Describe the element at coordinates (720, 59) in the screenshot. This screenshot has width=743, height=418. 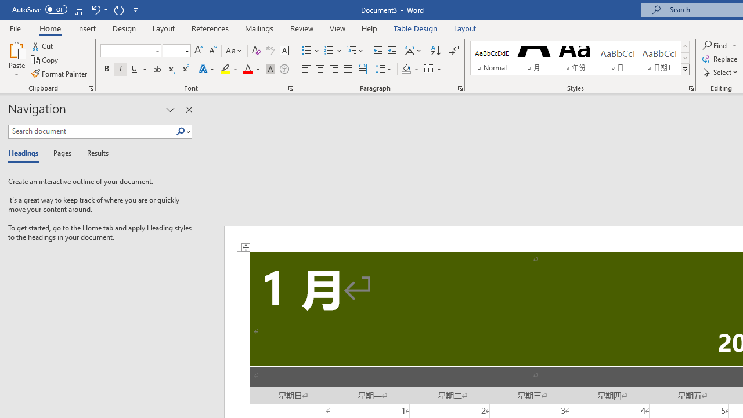
I see `'Replace...'` at that location.